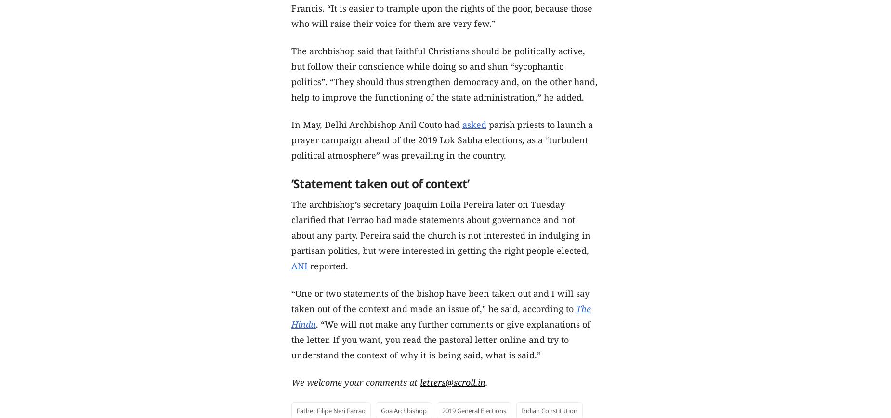  What do you see at coordinates (291, 339) in the screenshot?
I see `'. “We will not make any further comments or give explanations of the letter. If you want, you read the pastoral letter online and try to understand the context of why it is being said, what is said.”'` at bounding box center [291, 339].